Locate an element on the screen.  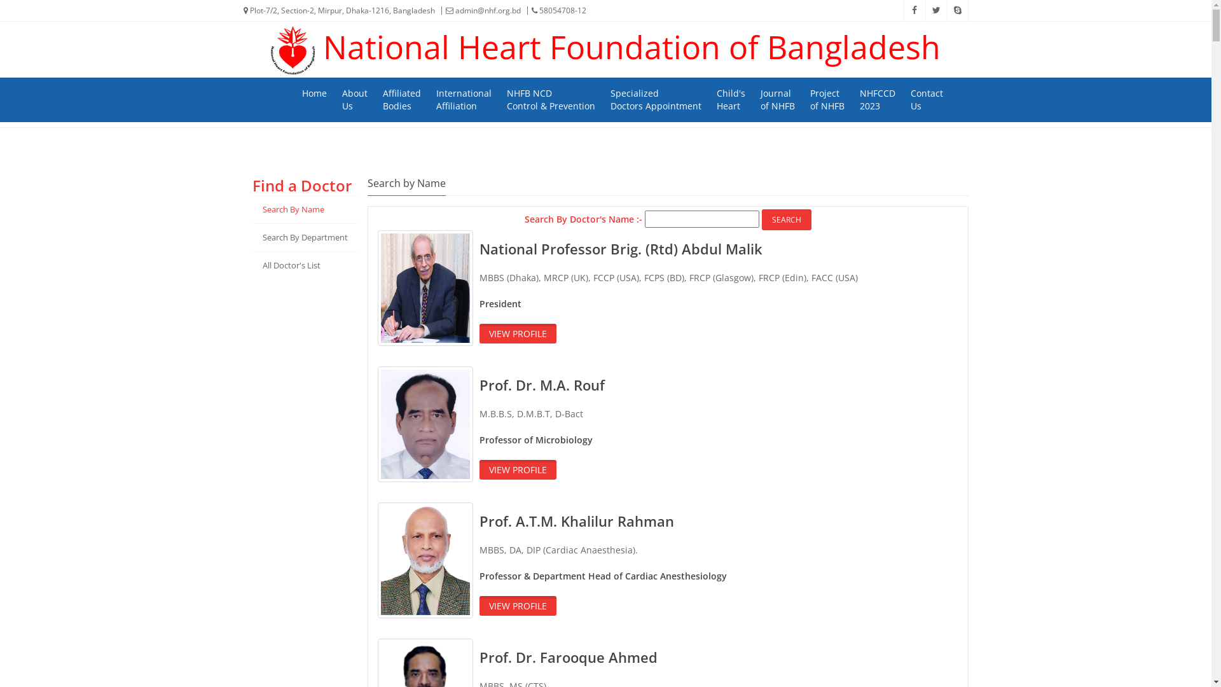
'International is located at coordinates (426, 99).